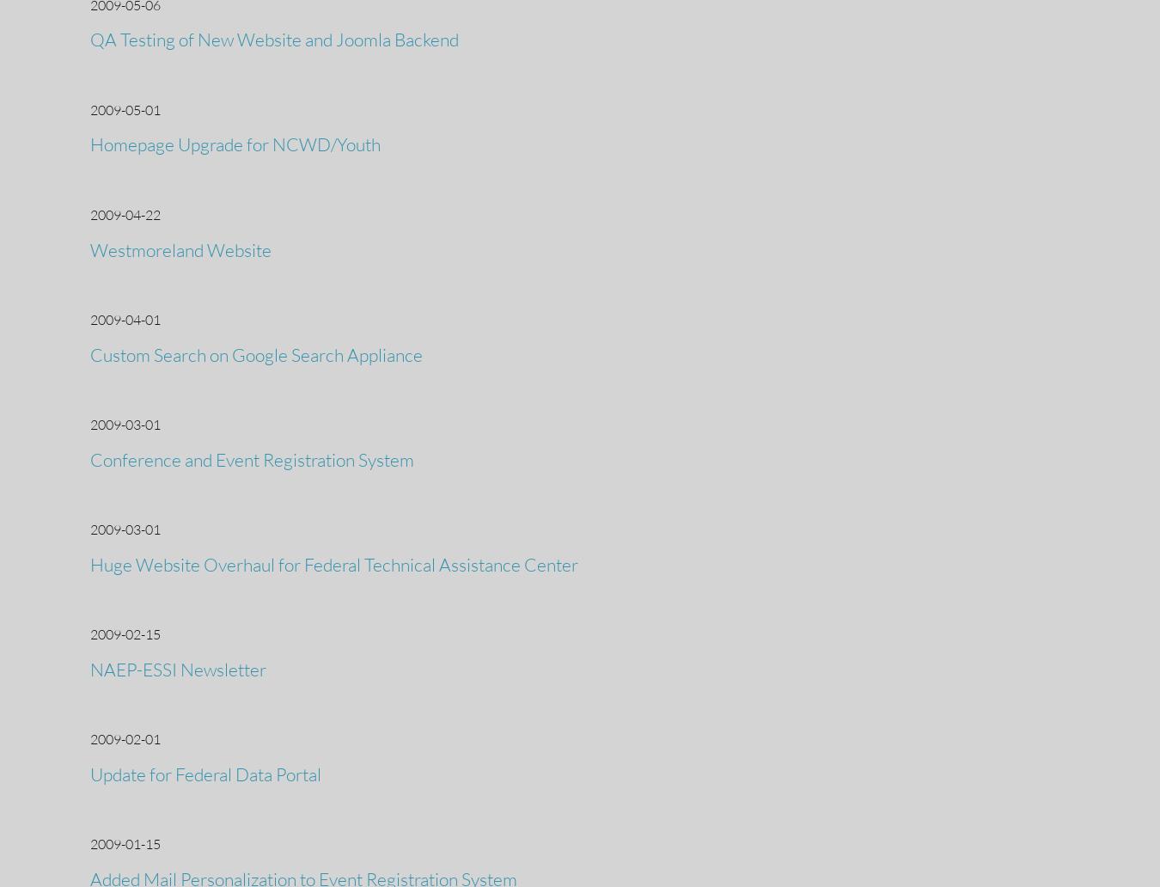 Image resolution: width=1160 pixels, height=887 pixels. I want to click on 'Conference and Event Registration System', so click(251, 458).